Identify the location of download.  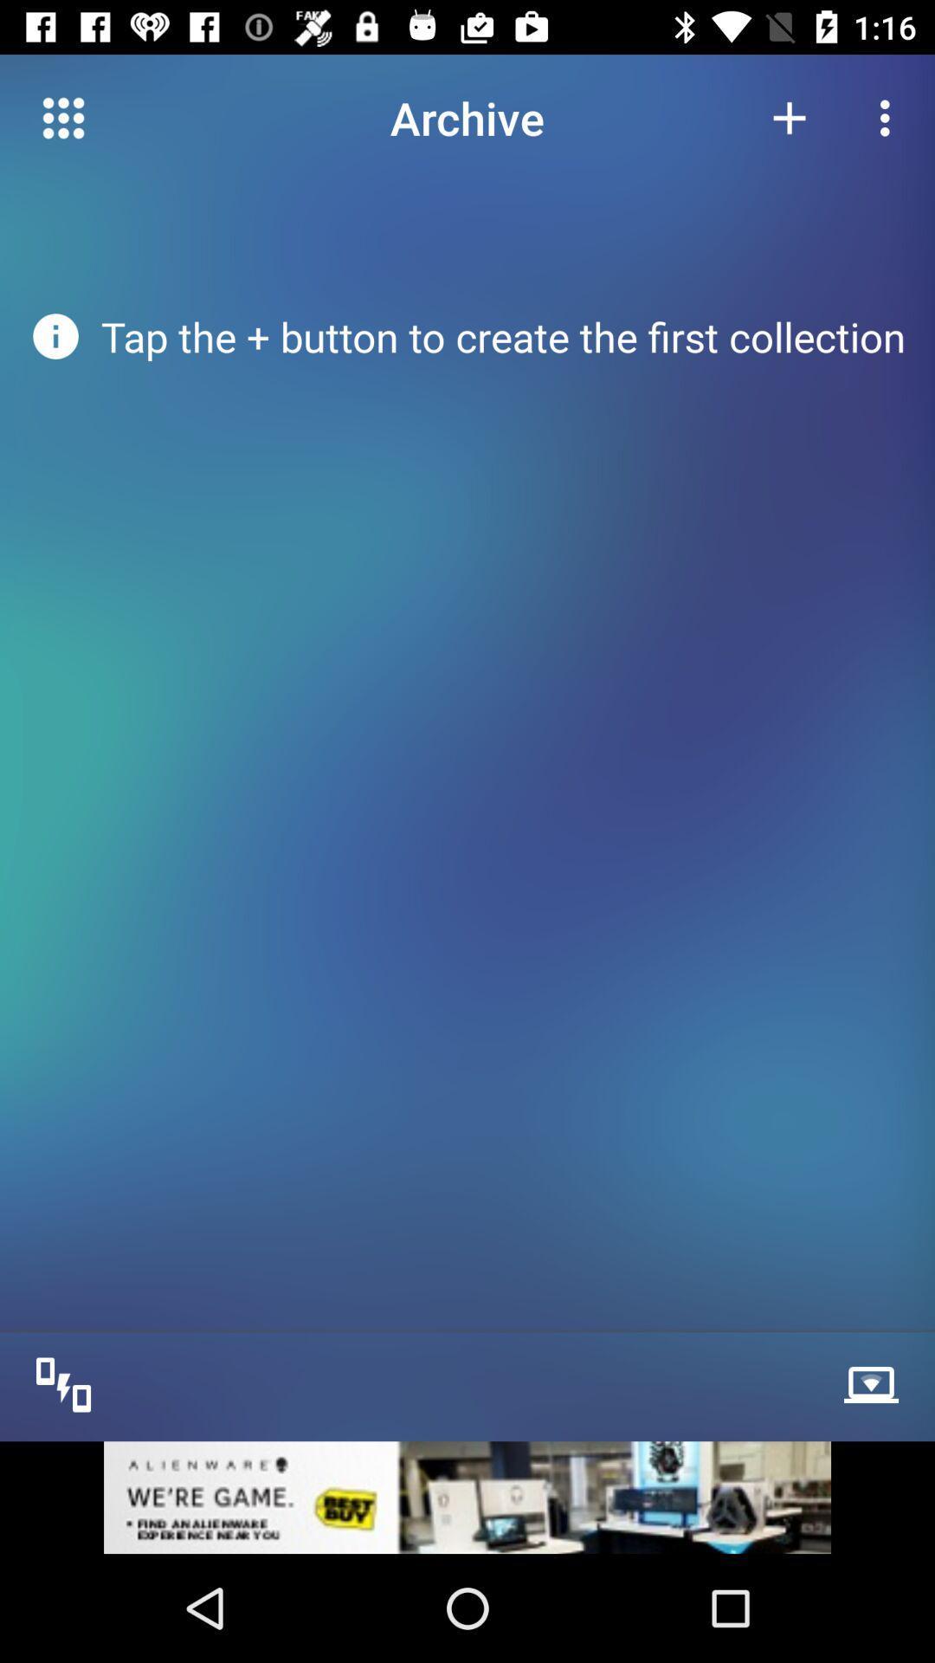
(875, 1382).